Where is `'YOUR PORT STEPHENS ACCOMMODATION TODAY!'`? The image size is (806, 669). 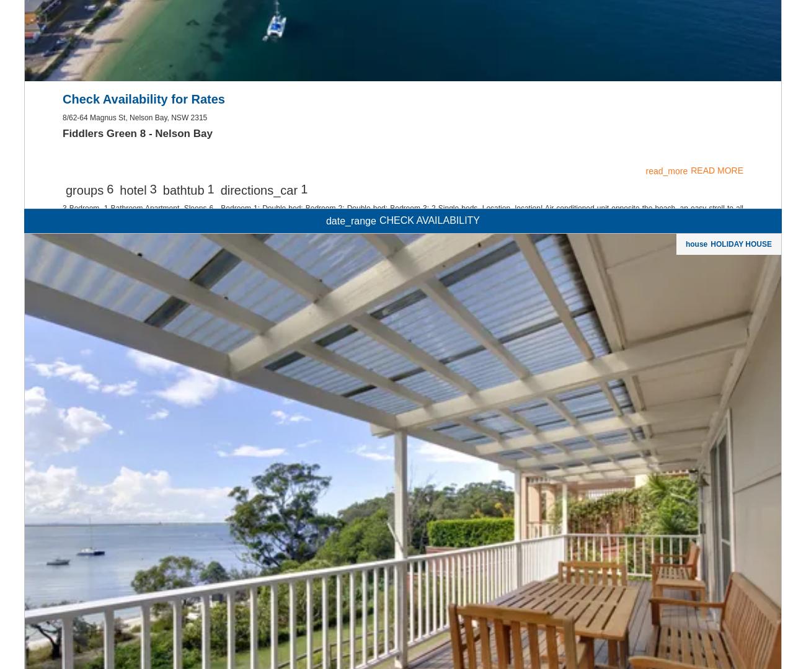
'YOUR PORT STEPHENS ACCOMMODATION TODAY!' is located at coordinates (433, 141).